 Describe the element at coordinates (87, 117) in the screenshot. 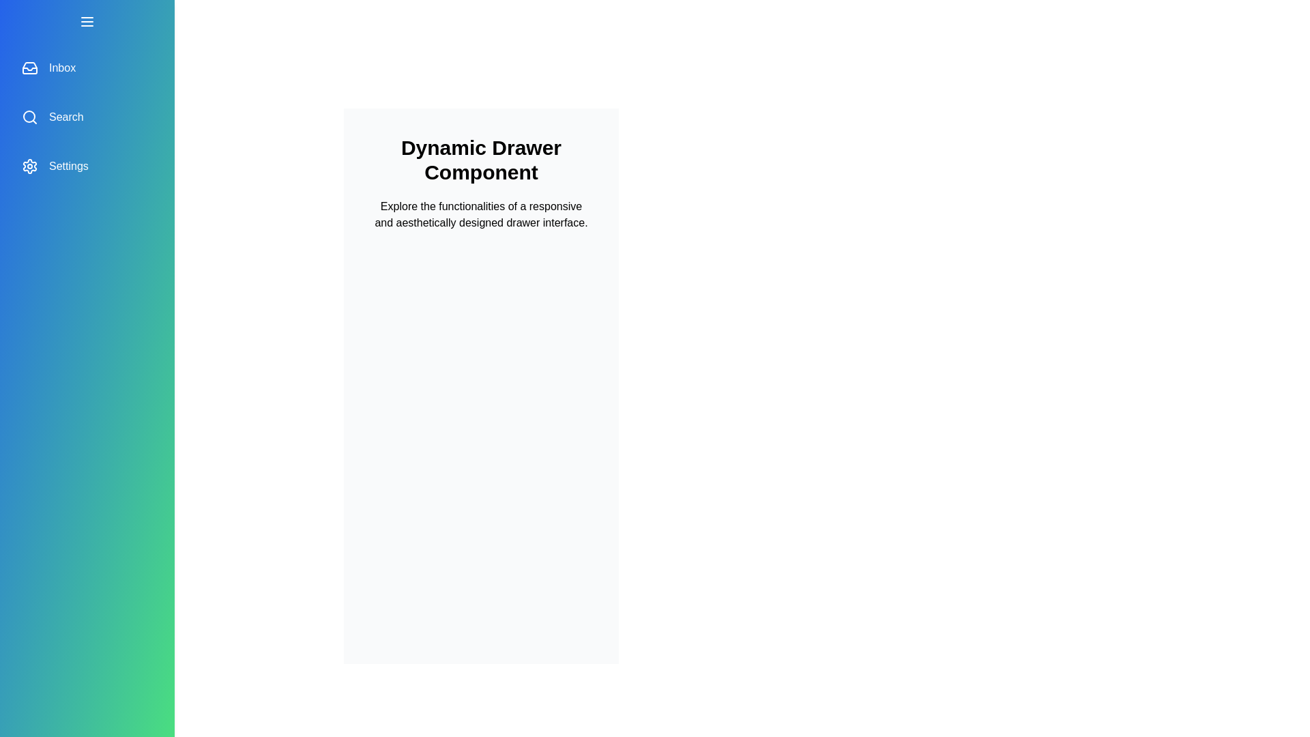

I see `the 'Search' menu item to navigate to the search functionality` at that location.